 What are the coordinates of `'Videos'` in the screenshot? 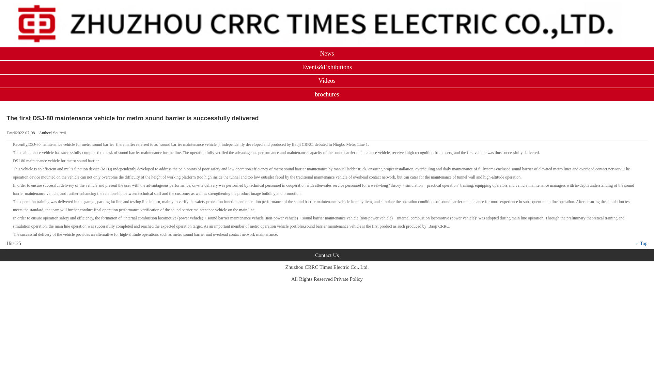 It's located at (327, 80).